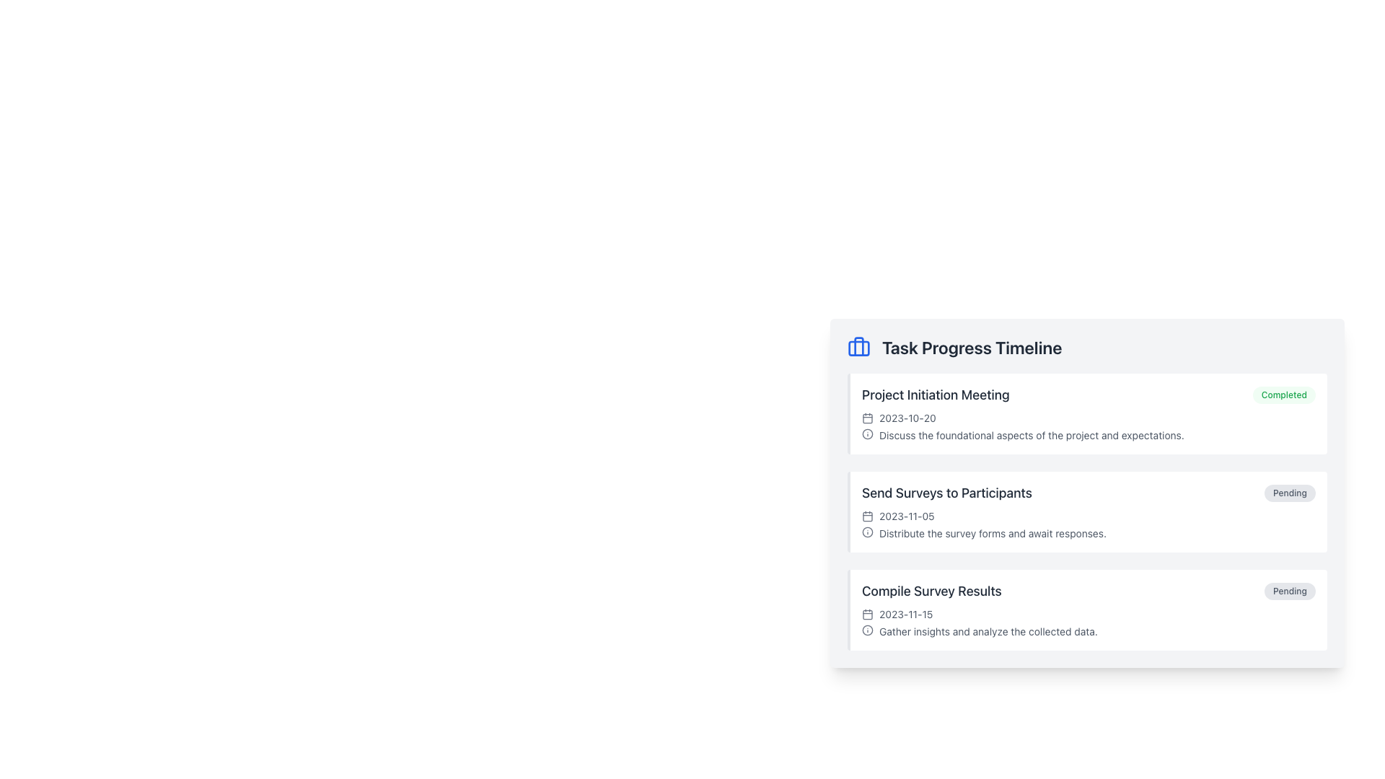 The height and width of the screenshot is (779, 1385). I want to click on the SVG Icon that represents the date related to the task, located in the first item of the task list under 'Task Progress Timeline', preceding the date '2023-10-20', so click(867, 418).